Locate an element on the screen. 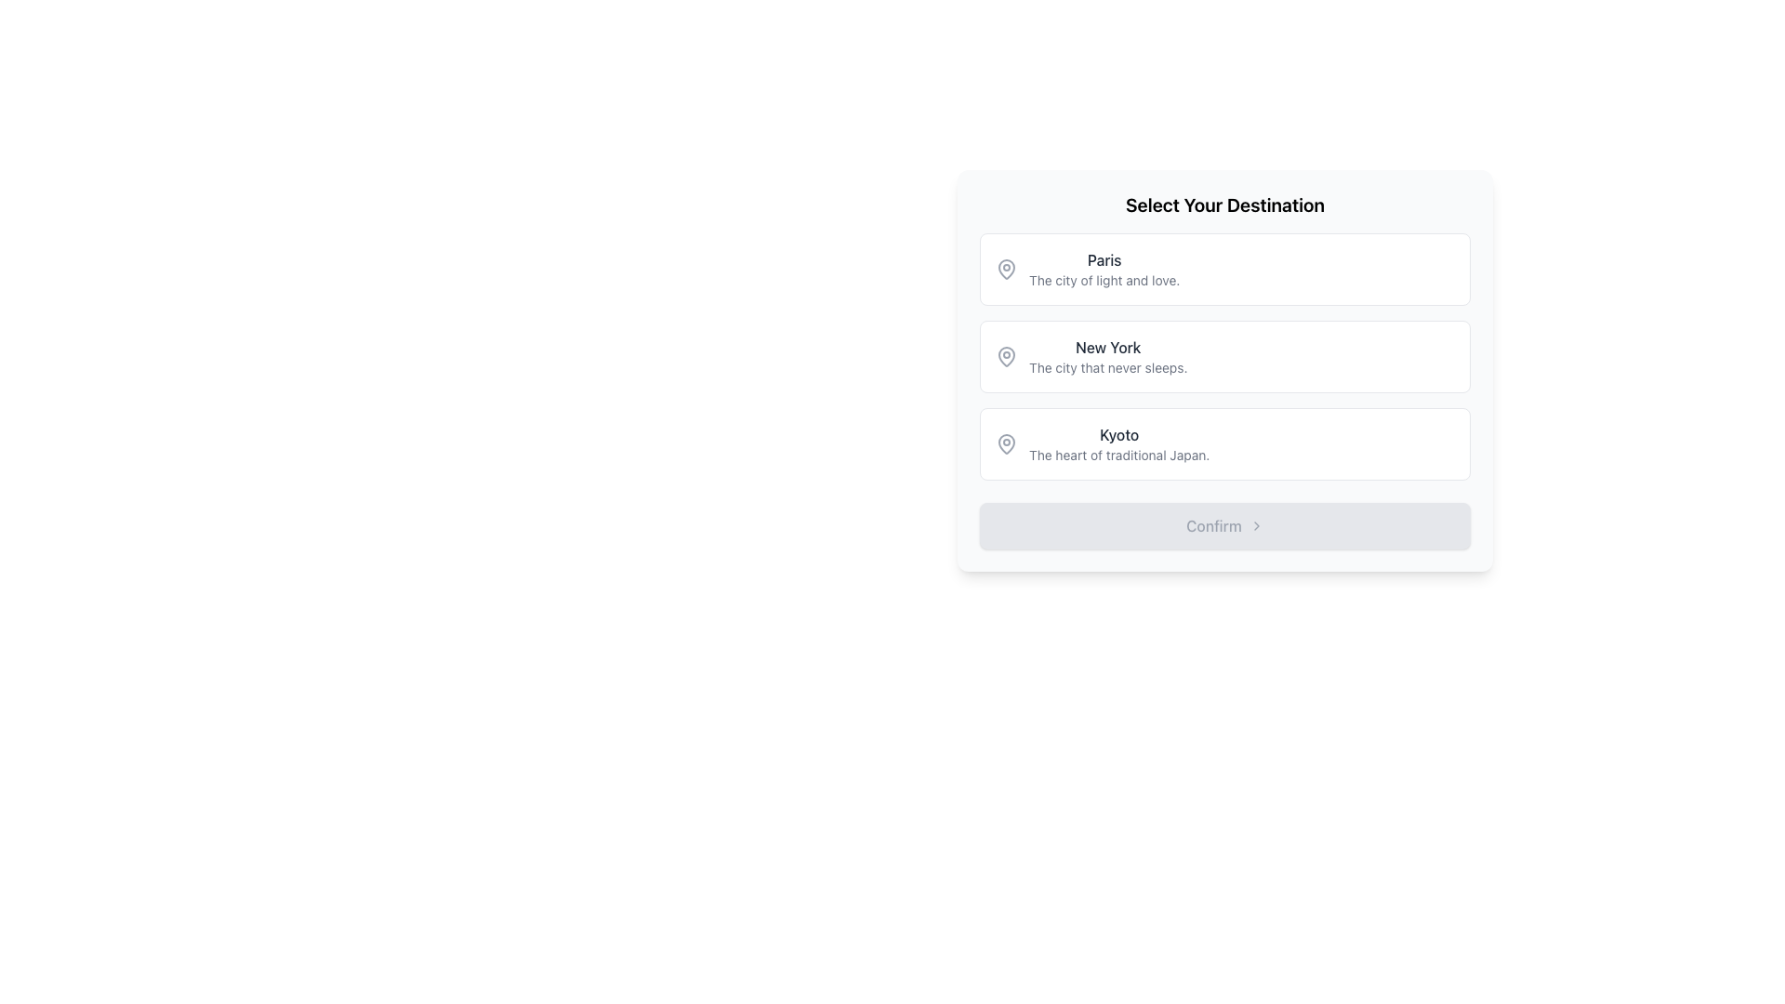  the lower part of the map pin icon SVG, which is styled with a stroked outline and is positioned to the left of the 'Paris' text in the selectable list is located at coordinates (1006, 269).